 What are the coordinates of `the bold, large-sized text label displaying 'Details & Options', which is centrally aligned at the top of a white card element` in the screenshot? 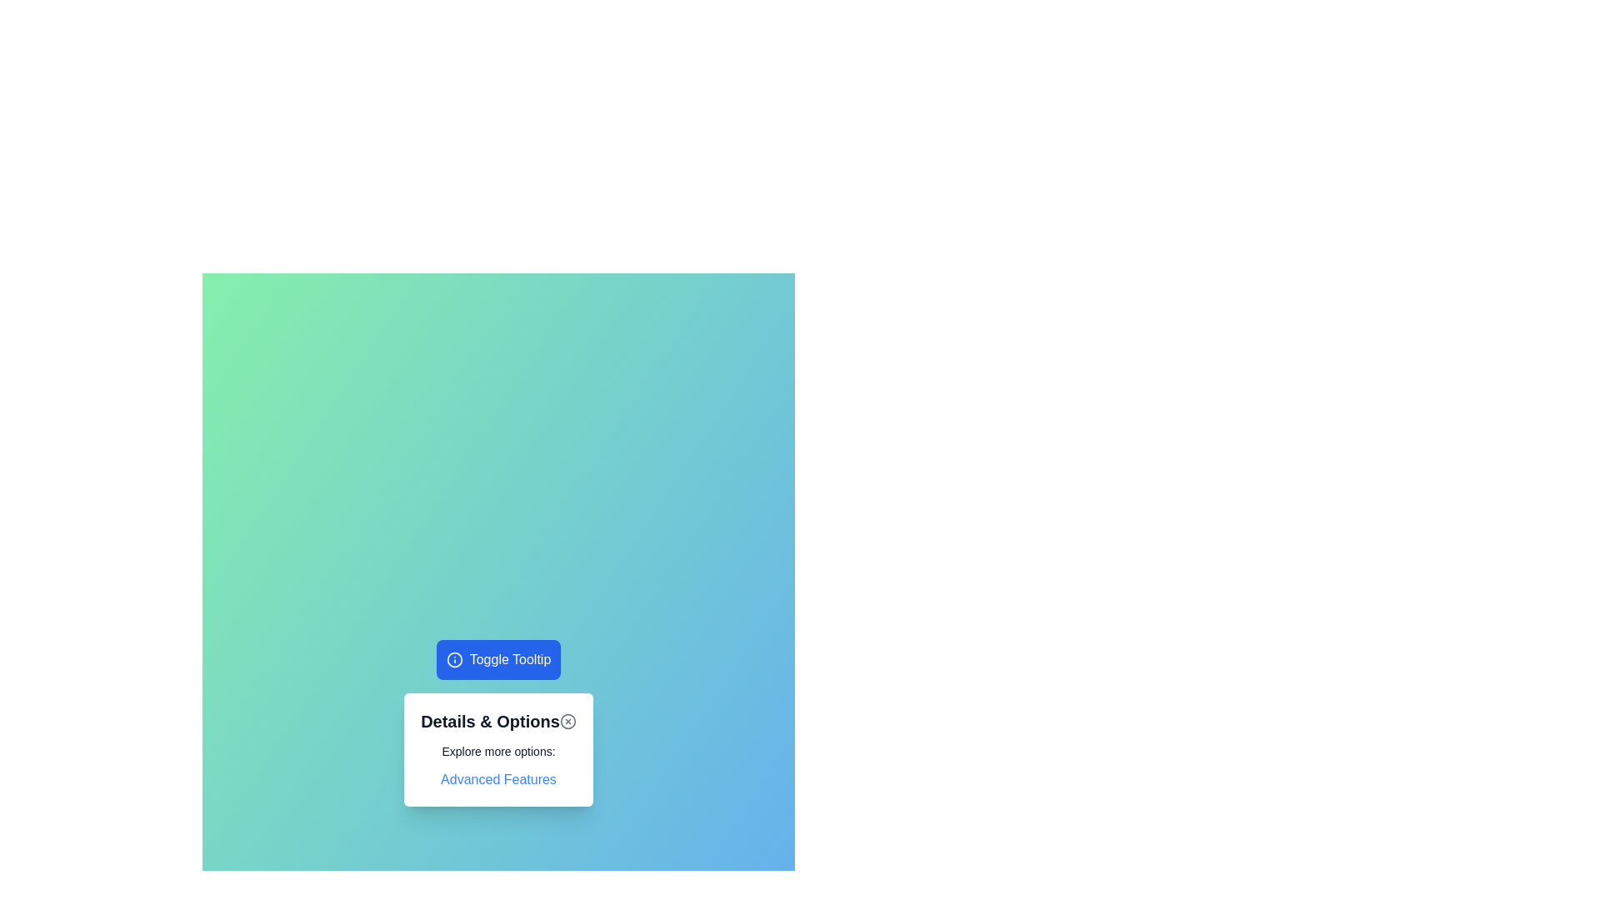 It's located at (489, 721).